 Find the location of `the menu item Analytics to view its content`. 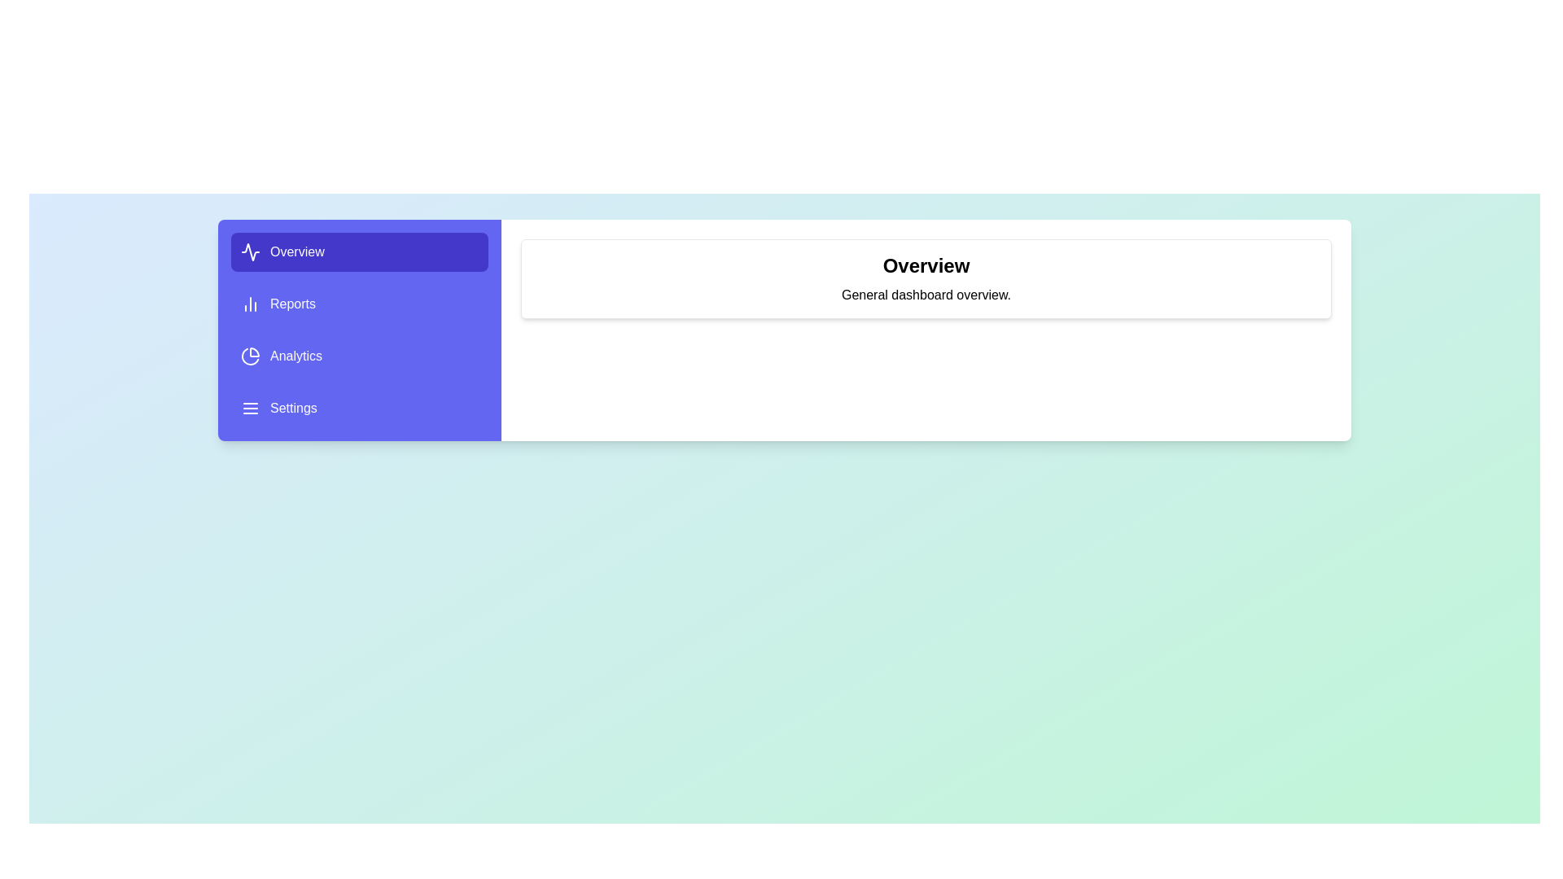

the menu item Analytics to view its content is located at coordinates (358, 356).